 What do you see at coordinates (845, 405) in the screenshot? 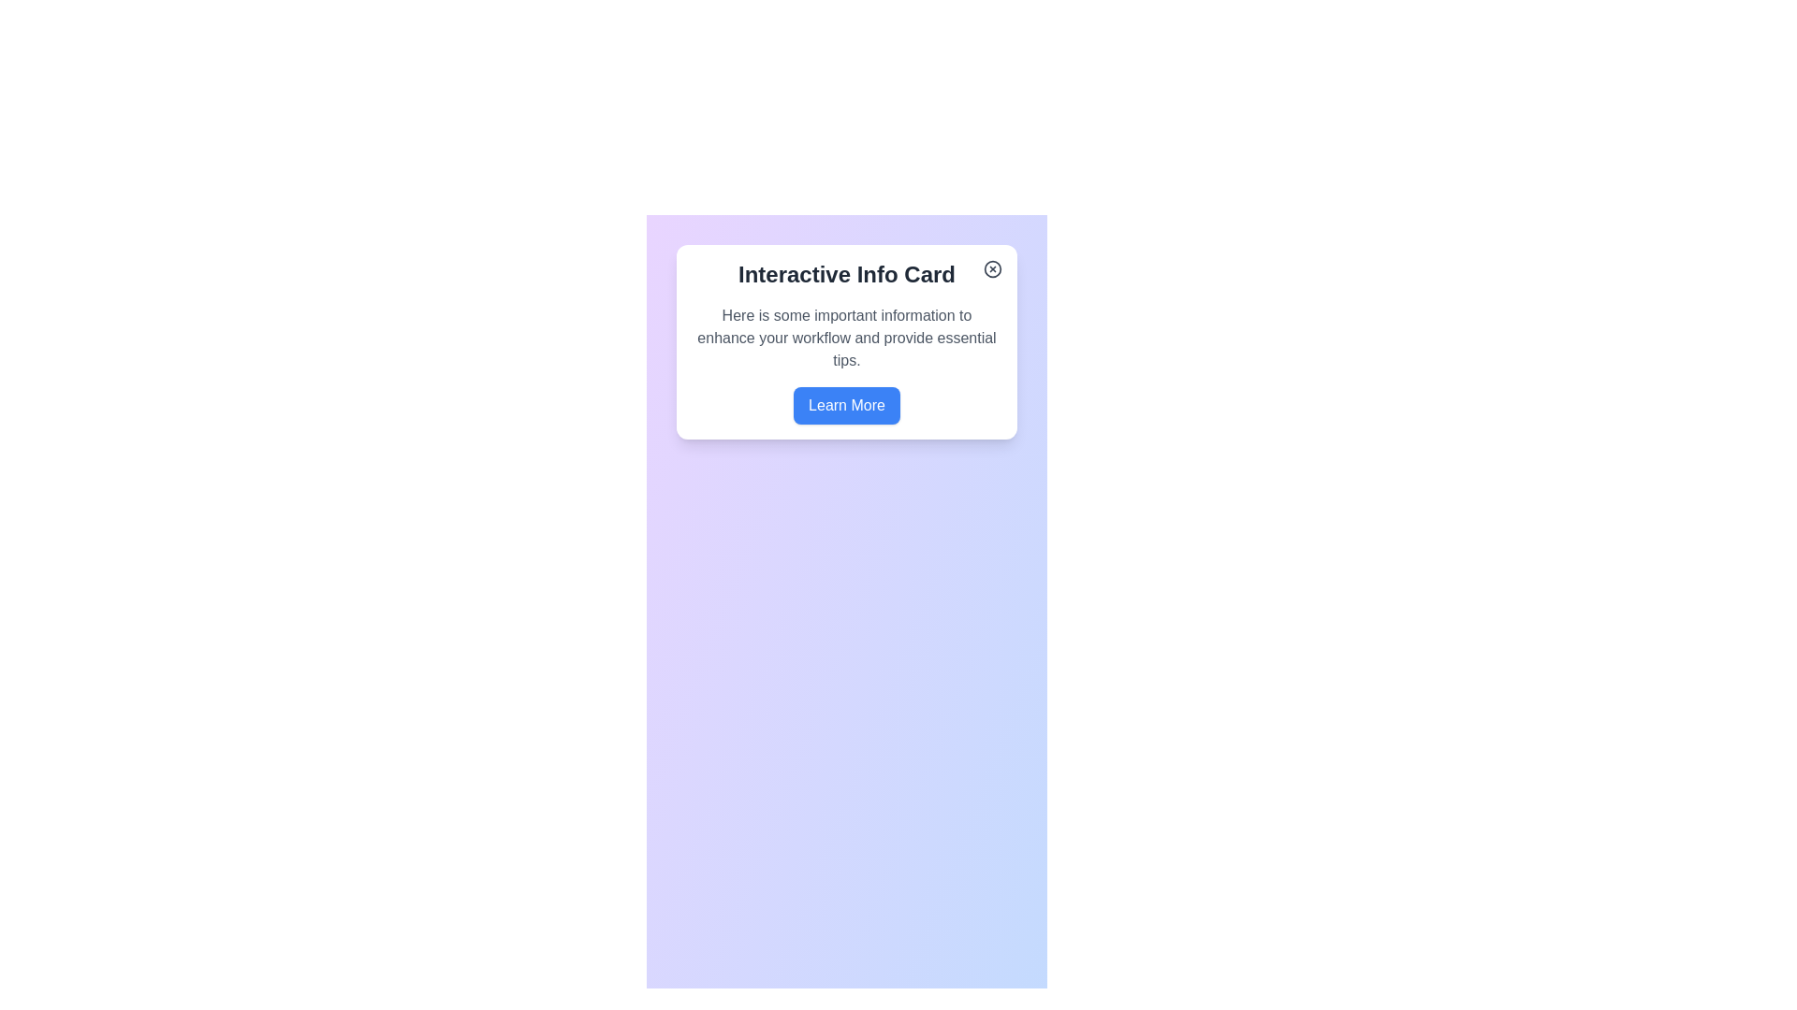
I see `the 'Learn More' button, which is a rectangular button with rounded corners and a blue background, to visualize hover effects` at bounding box center [845, 405].